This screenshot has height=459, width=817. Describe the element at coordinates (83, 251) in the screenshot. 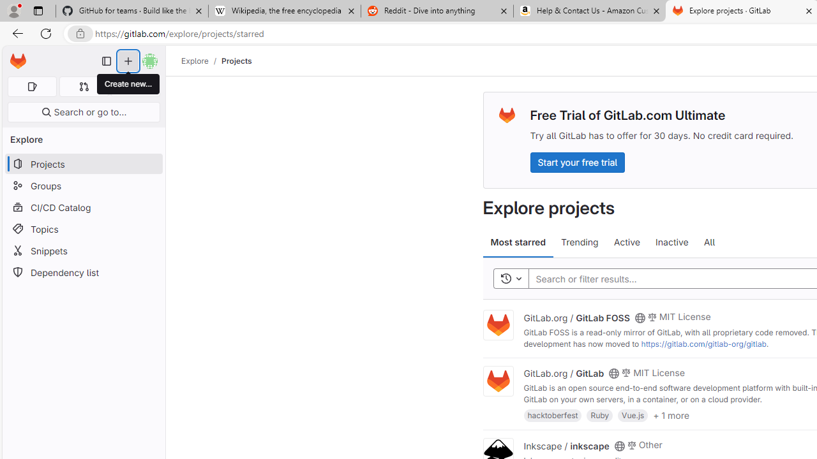

I see `'Snippets'` at that location.